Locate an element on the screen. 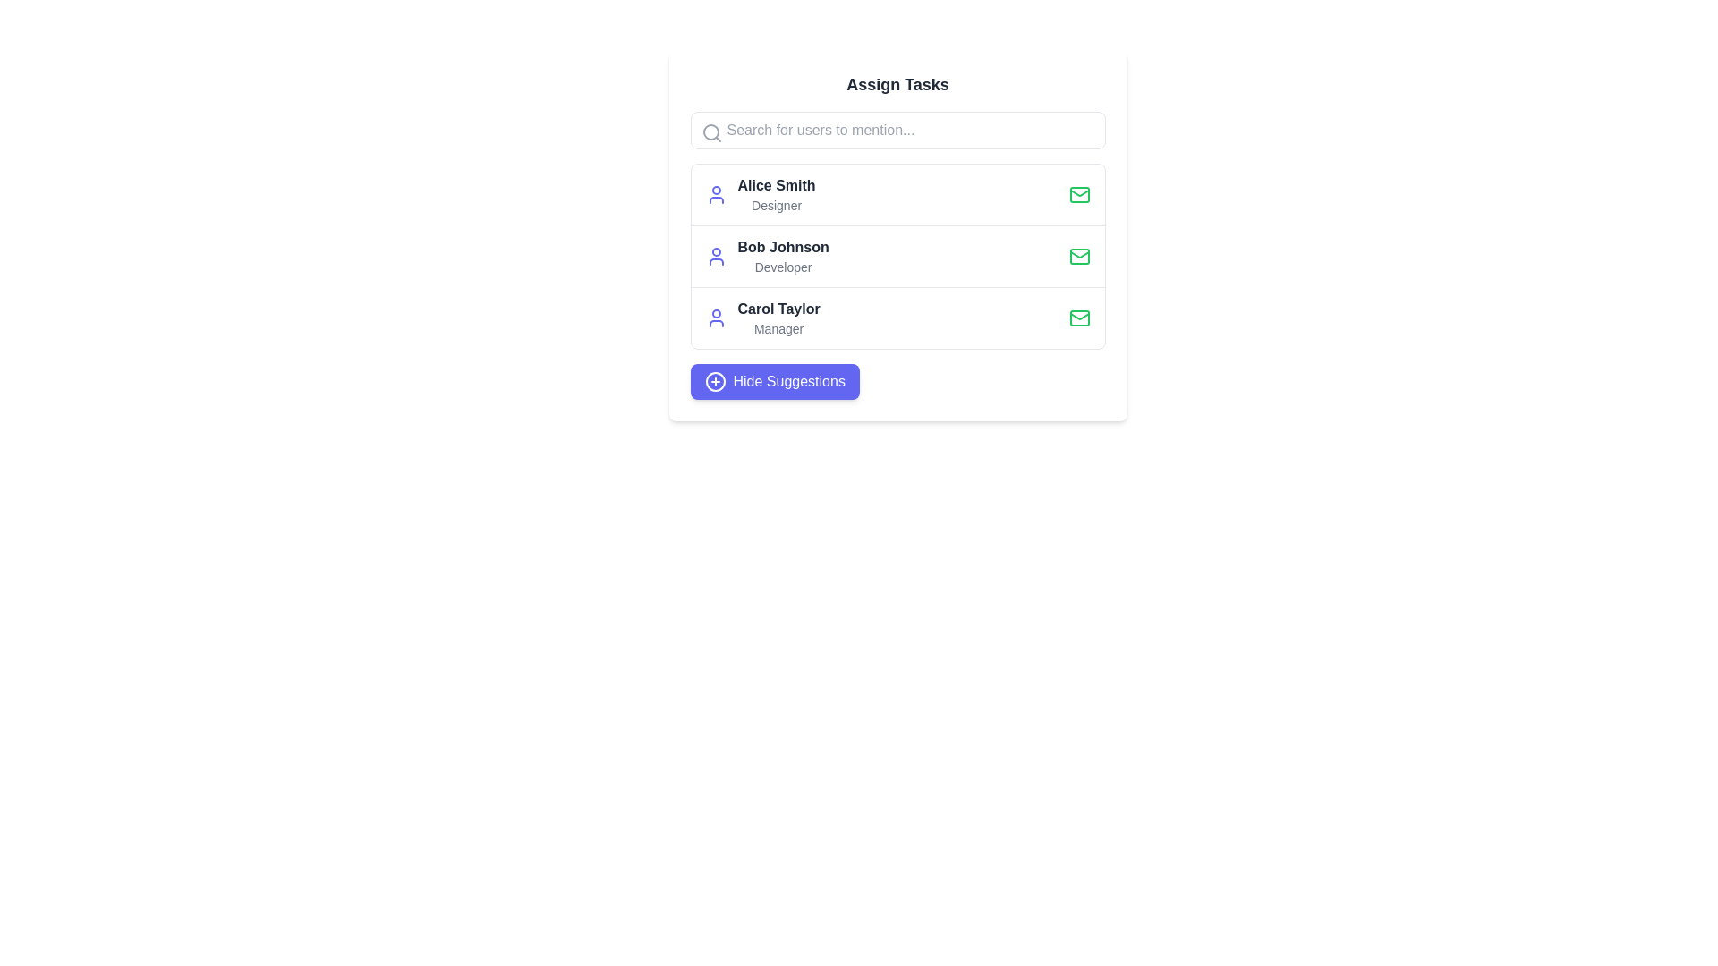 This screenshot has height=966, width=1718. the static text label displaying the name 'Bob Johnson' in the second entry of the 'Assign Tasks' panel is located at coordinates (783, 248).